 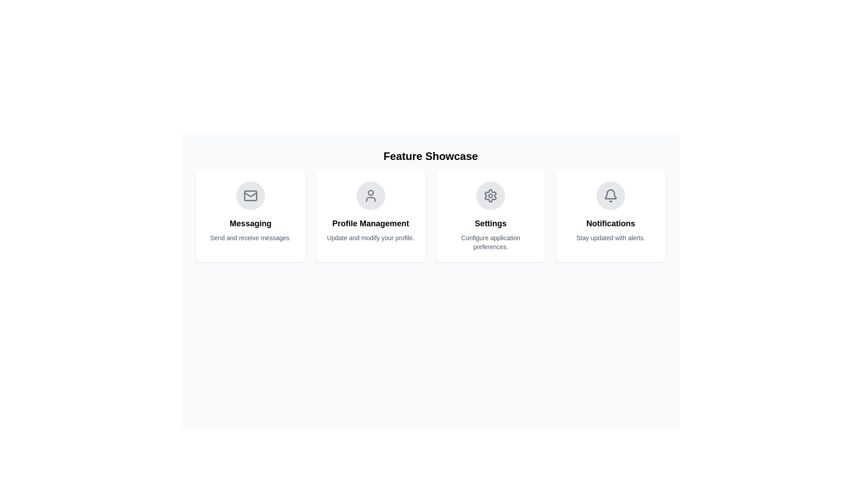 I want to click on the 'Settings' section title text label, which is positioned below the settings icon and above the descriptive text 'Configure application preferences', so click(x=490, y=223).